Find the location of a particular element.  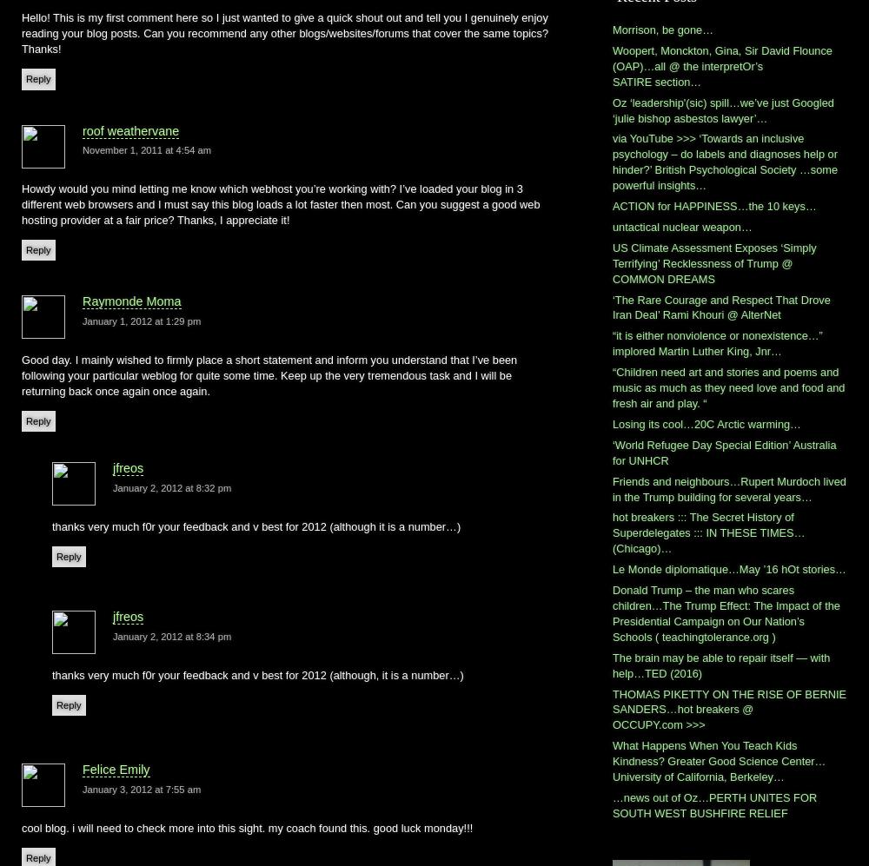

'The brain may be able to repair itself — with help…TED (2016)' is located at coordinates (720, 664).